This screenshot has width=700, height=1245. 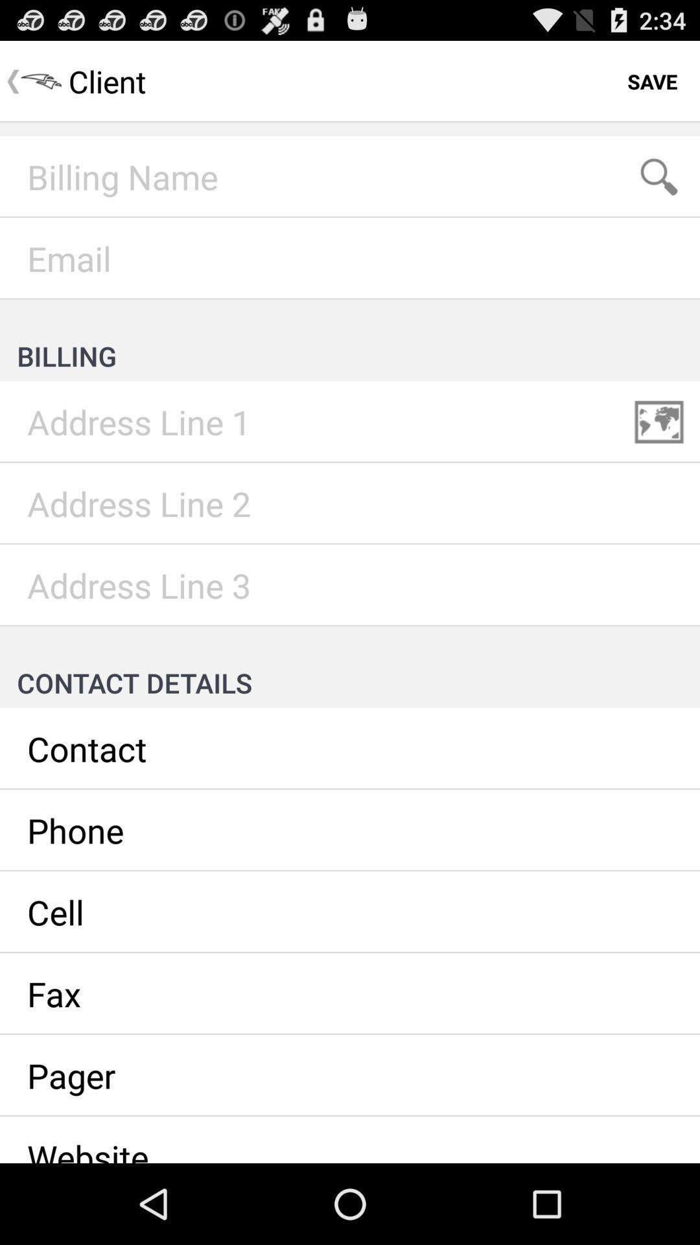 What do you see at coordinates (350, 258) in the screenshot?
I see `email dialogue box` at bounding box center [350, 258].